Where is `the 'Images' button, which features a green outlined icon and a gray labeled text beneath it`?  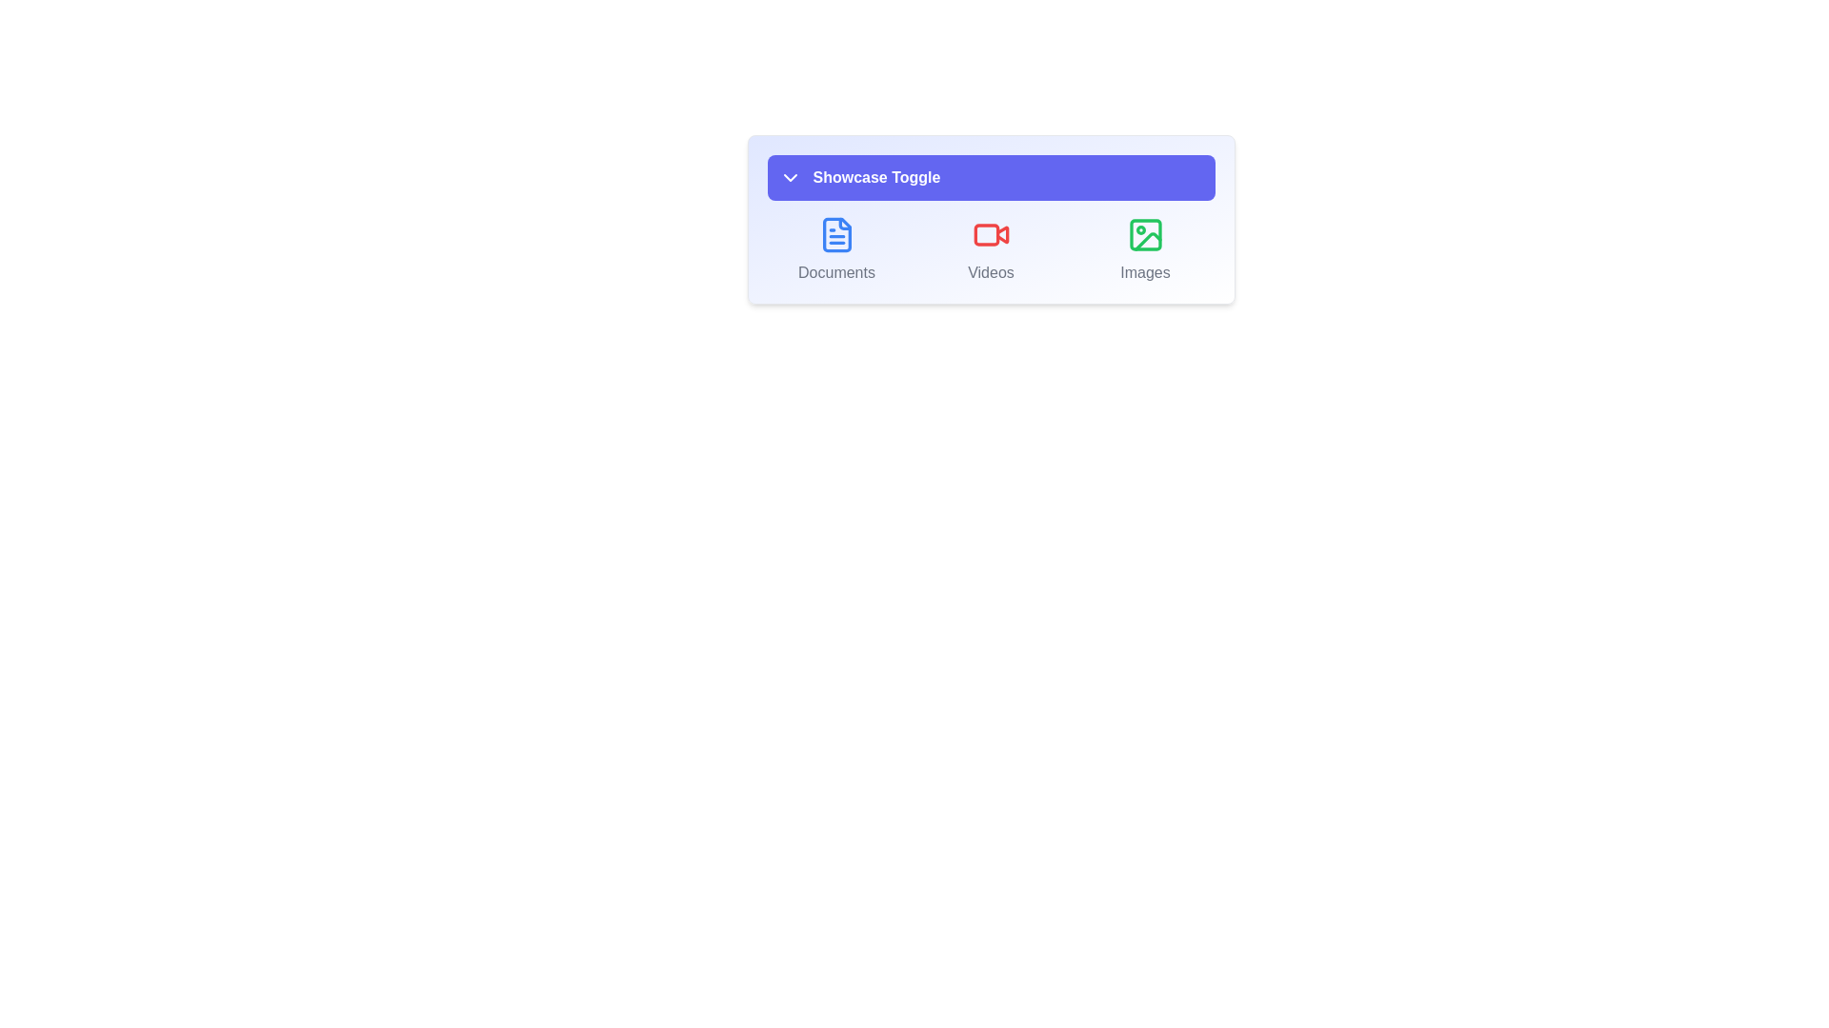
the 'Images' button, which features a green outlined icon and a gray labeled text beneath it is located at coordinates (1144, 248).